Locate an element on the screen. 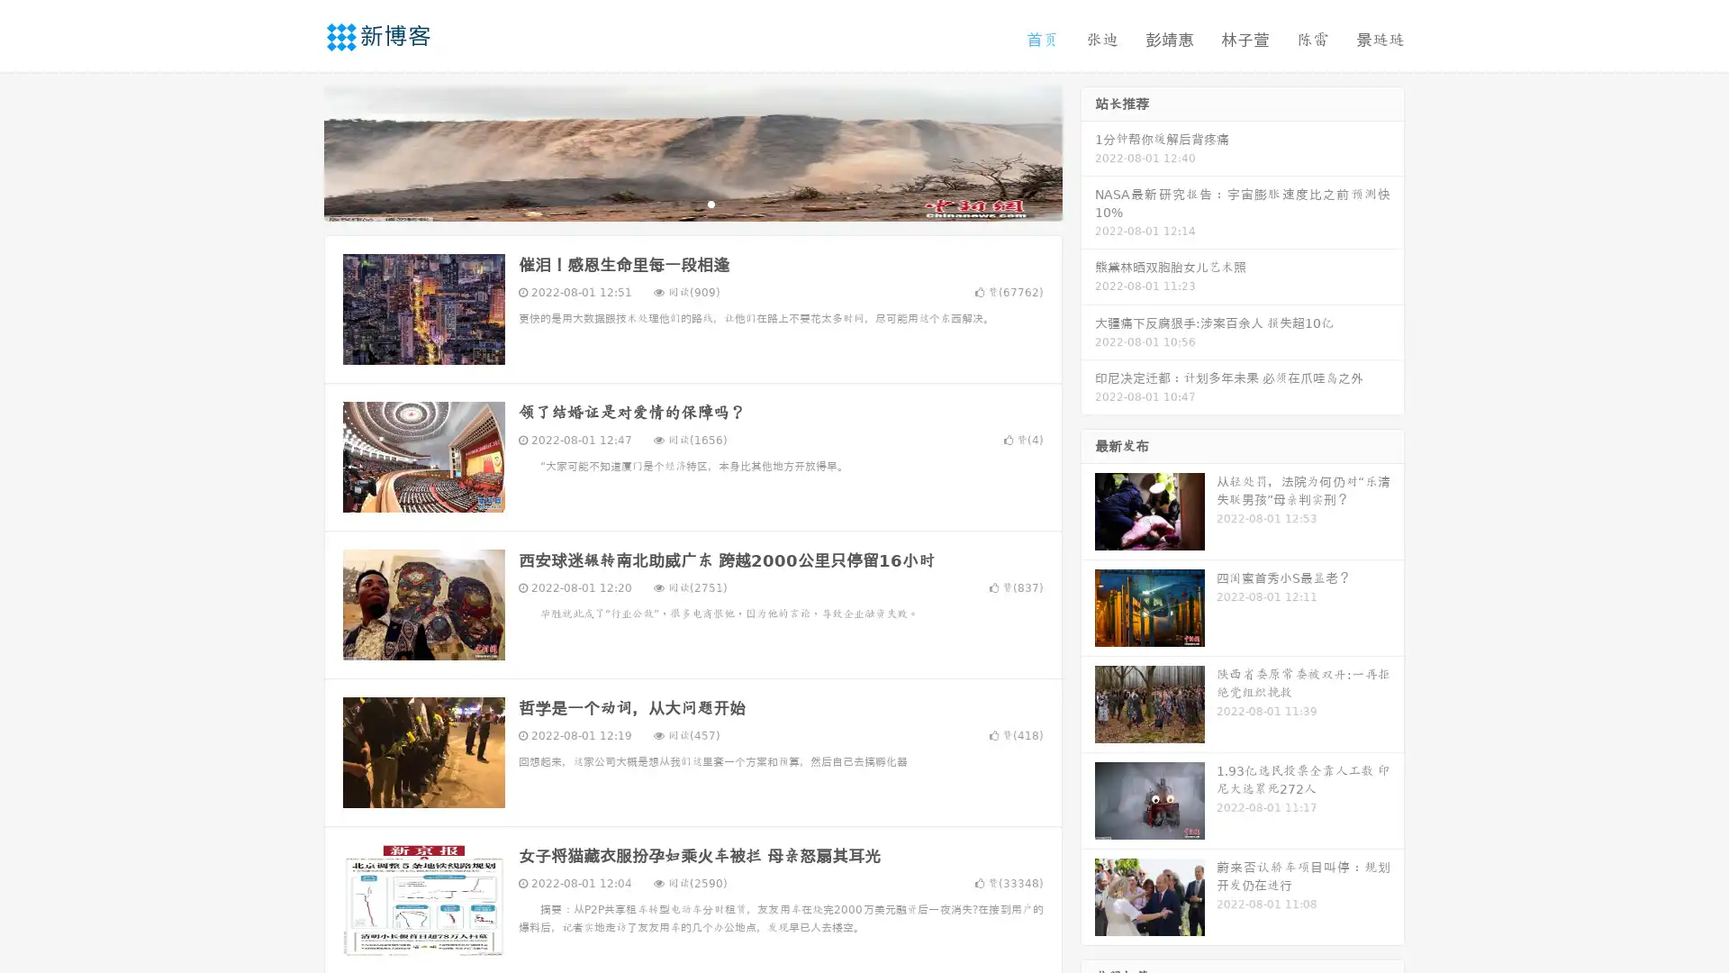  Go to slide 3 is located at coordinates (711, 203).